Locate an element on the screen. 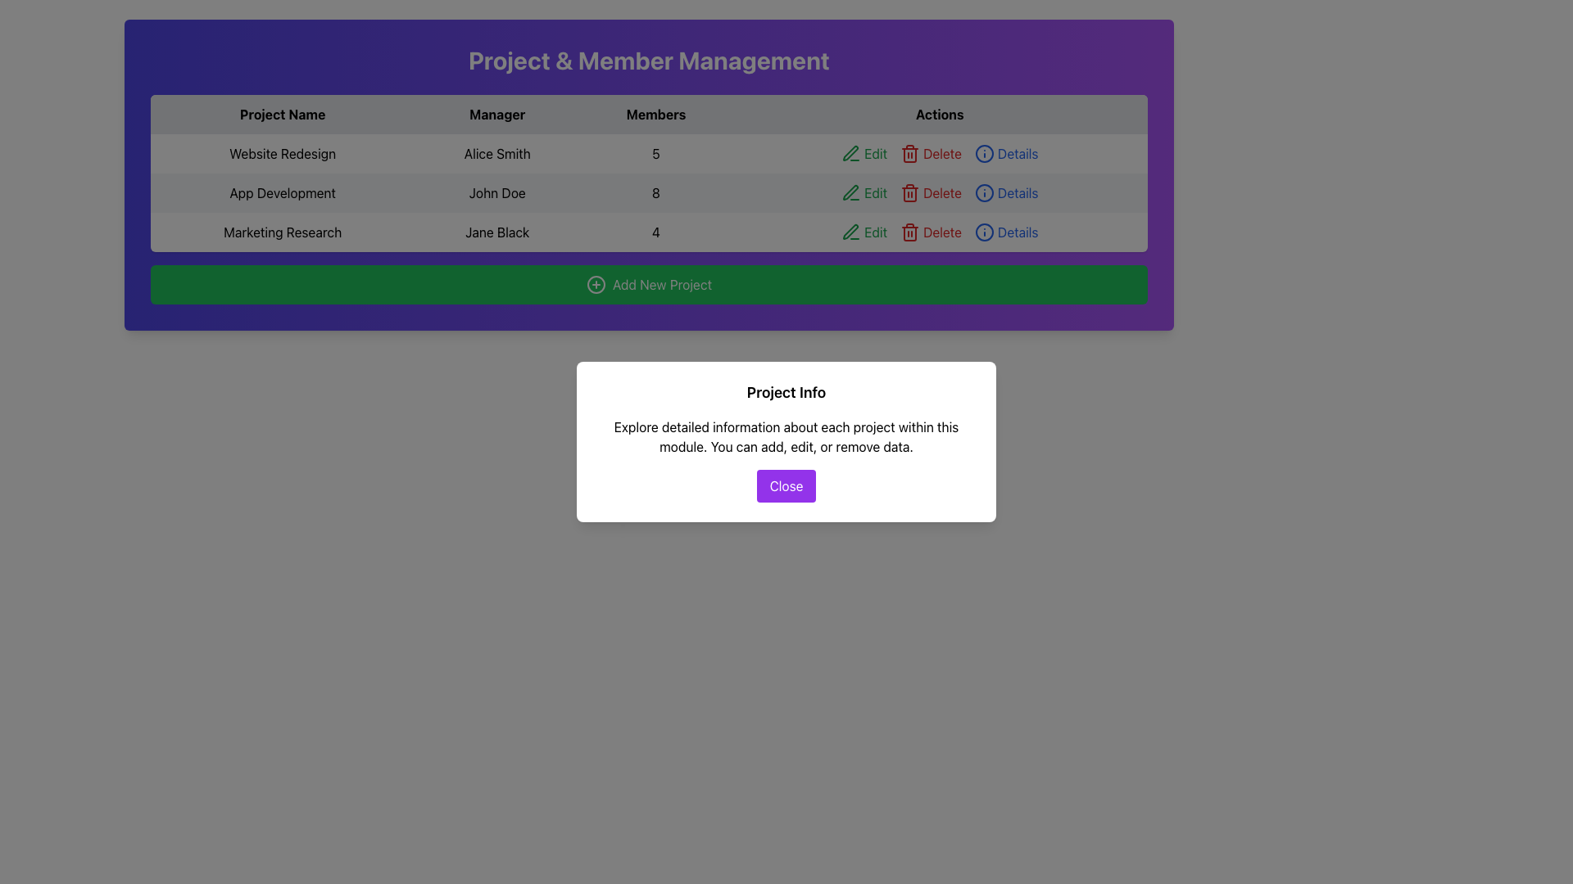  the central circular outline of the 'Details' button, which is located at the bottom right of the 'Marketing Research' row in the 'Actions' column of the table is located at coordinates (983, 232).